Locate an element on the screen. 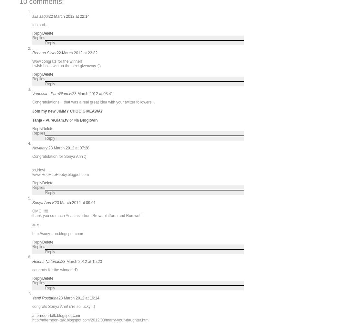  'Congratulation for Sonya Ann :)' is located at coordinates (32, 157).